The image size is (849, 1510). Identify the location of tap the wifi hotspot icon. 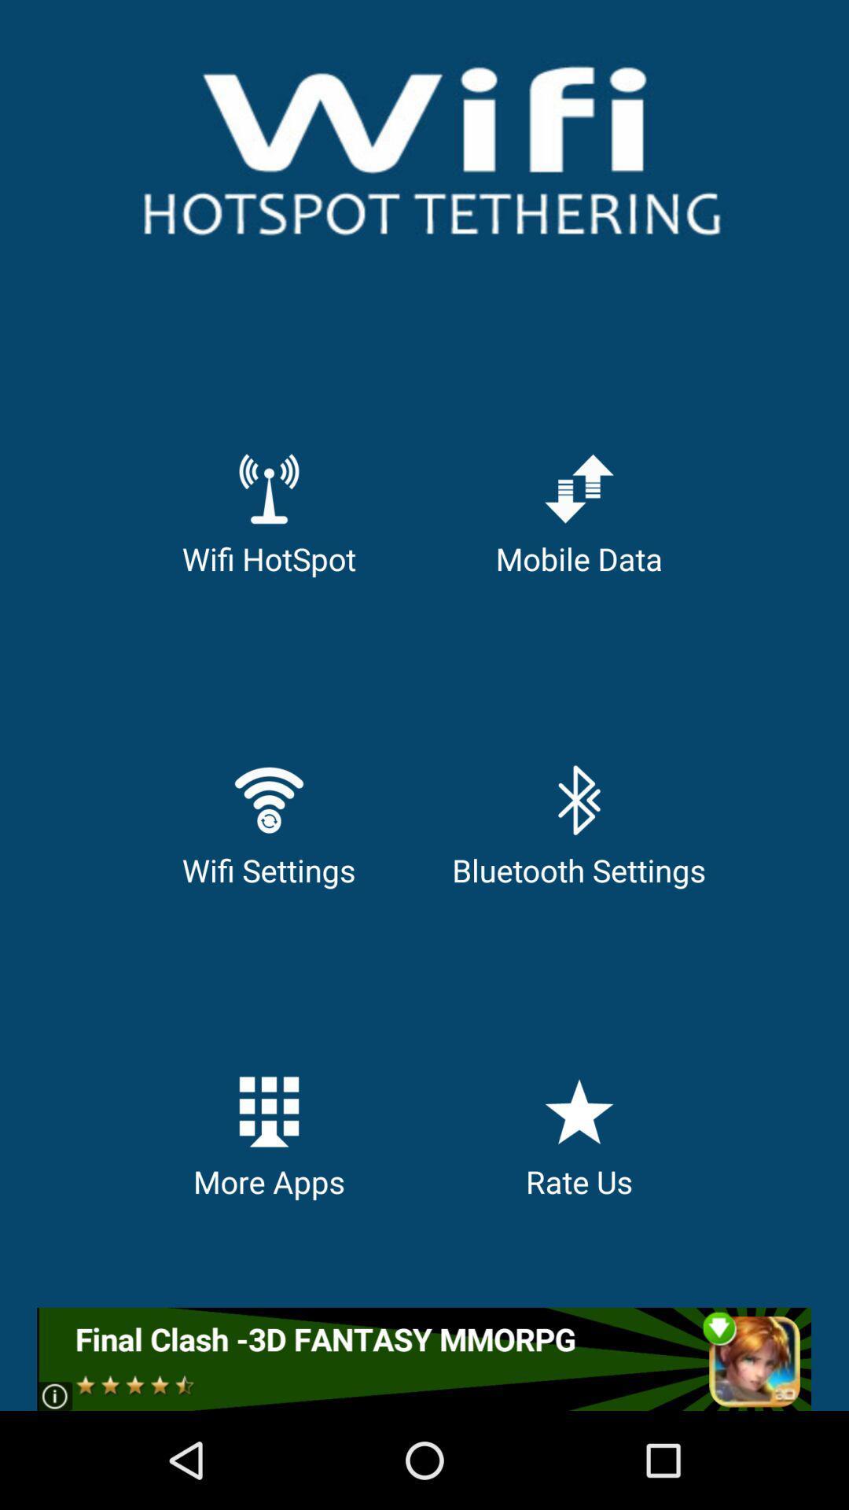
(268, 487).